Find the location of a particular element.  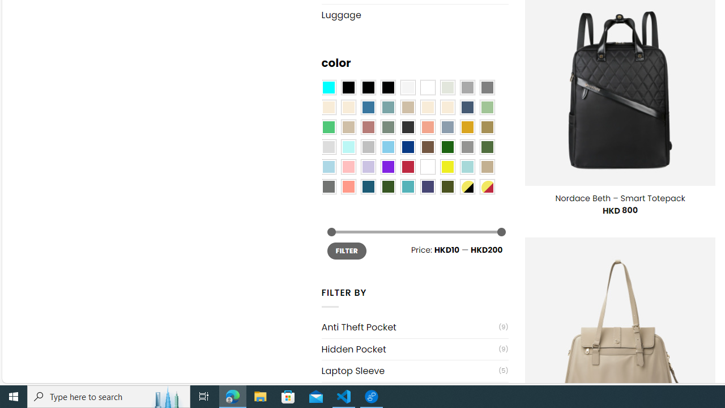

'Kelp' is located at coordinates (487, 127).